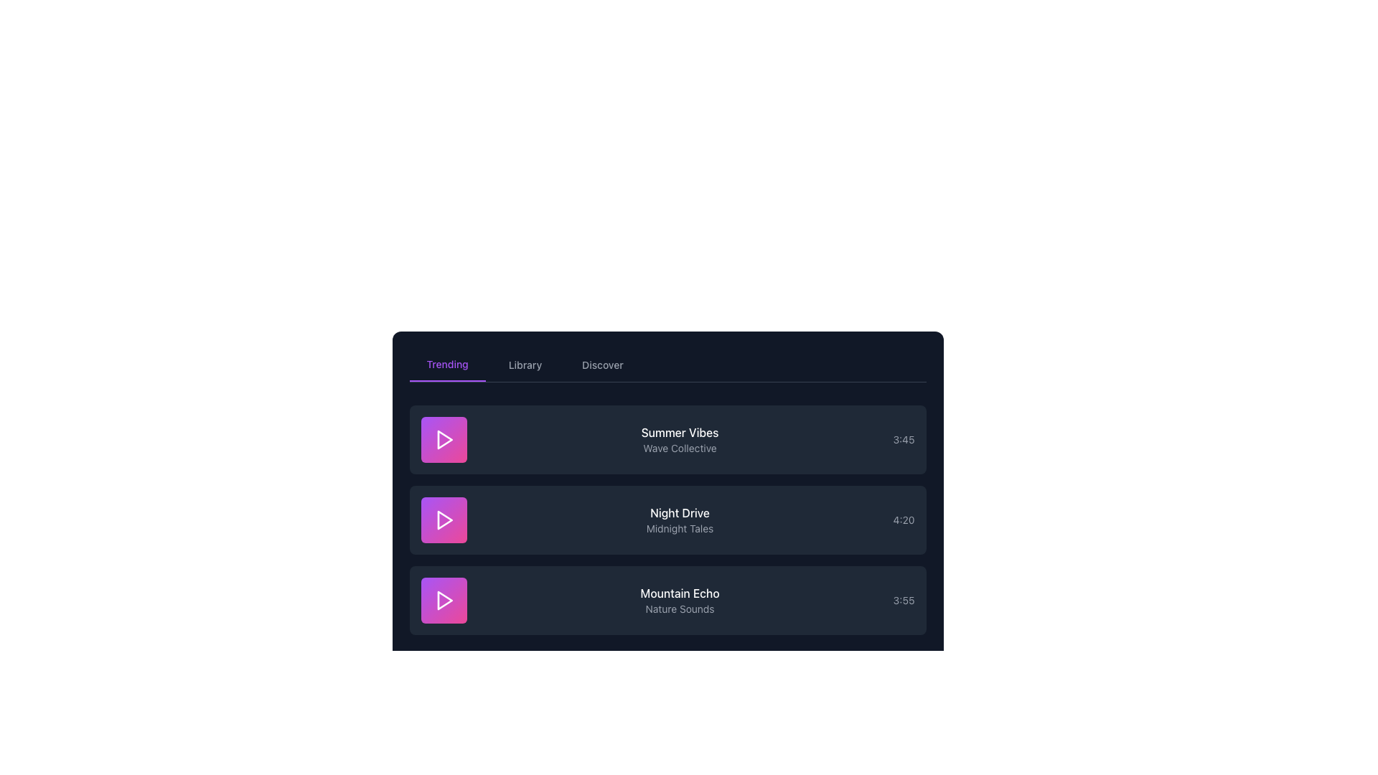 Image resolution: width=1378 pixels, height=775 pixels. Describe the element at coordinates (443, 439) in the screenshot. I see `the play button located in the top-left corner of the 'Summer Vibes' list item in the 'Trending' tab to initiate playback of the audio or video track` at that location.